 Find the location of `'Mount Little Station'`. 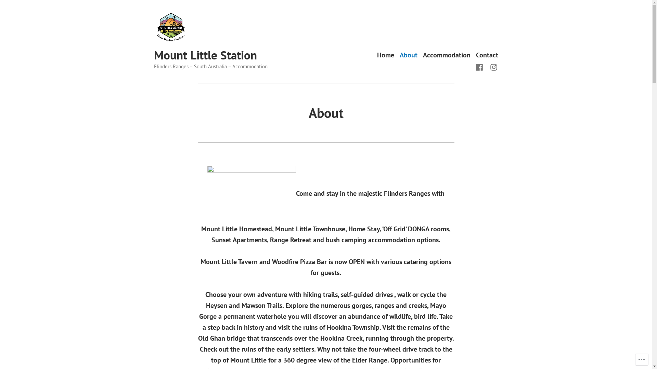

'Mount Little Station' is located at coordinates (205, 55).